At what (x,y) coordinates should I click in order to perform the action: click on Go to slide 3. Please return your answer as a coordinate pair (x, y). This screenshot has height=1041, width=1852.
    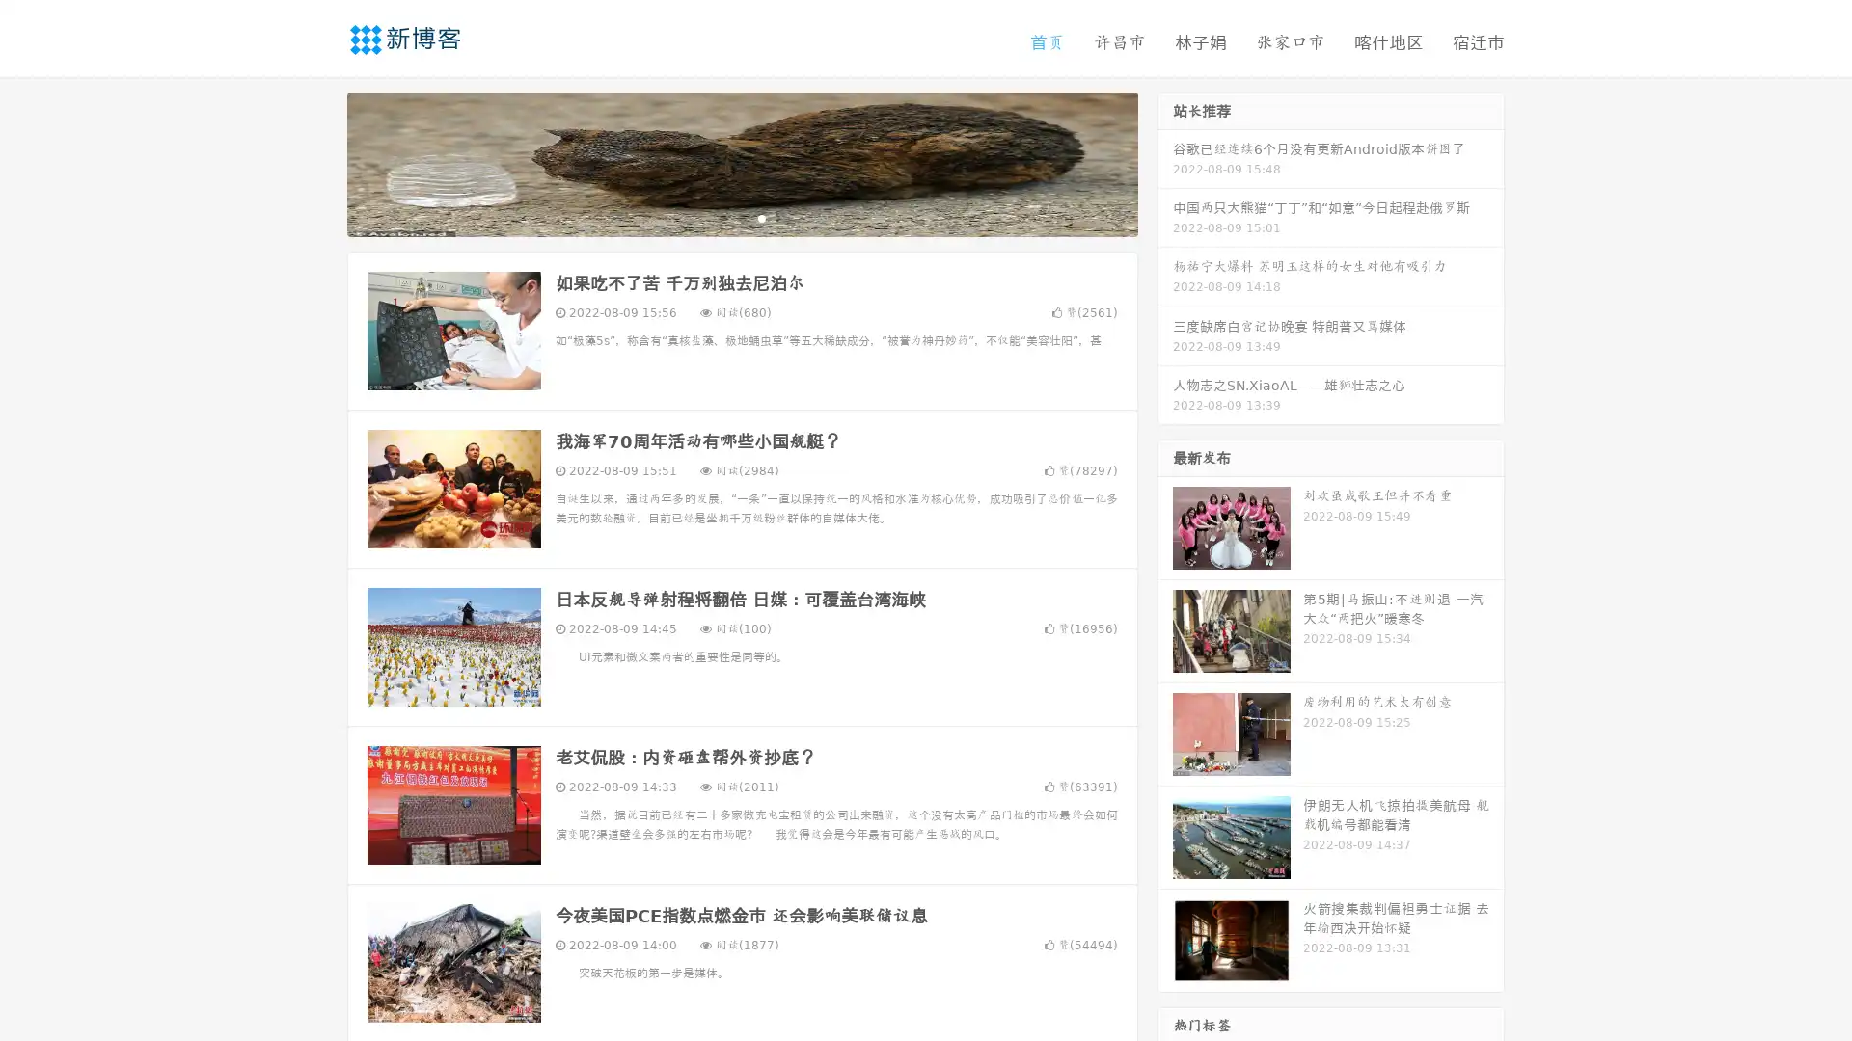
    Looking at the image, I should click on (761, 217).